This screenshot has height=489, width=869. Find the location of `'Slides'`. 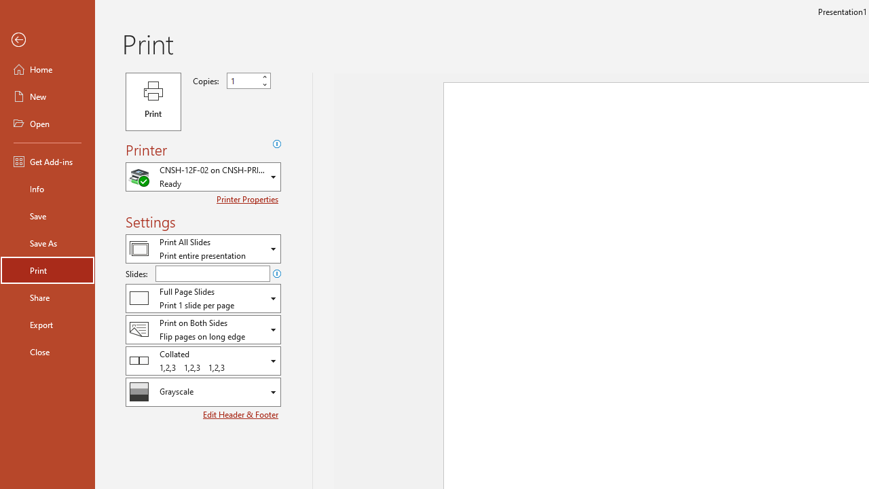

'Slides' is located at coordinates (212, 273).